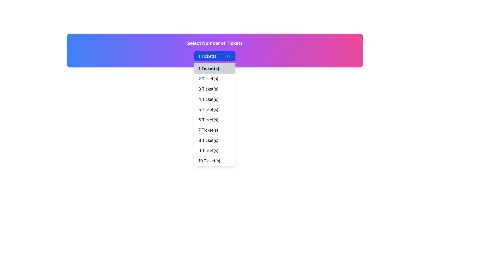 This screenshot has width=493, height=277. What do you see at coordinates (215, 140) in the screenshot?
I see `the dropdown item displaying '8 Ticket(s)'` at bounding box center [215, 140].